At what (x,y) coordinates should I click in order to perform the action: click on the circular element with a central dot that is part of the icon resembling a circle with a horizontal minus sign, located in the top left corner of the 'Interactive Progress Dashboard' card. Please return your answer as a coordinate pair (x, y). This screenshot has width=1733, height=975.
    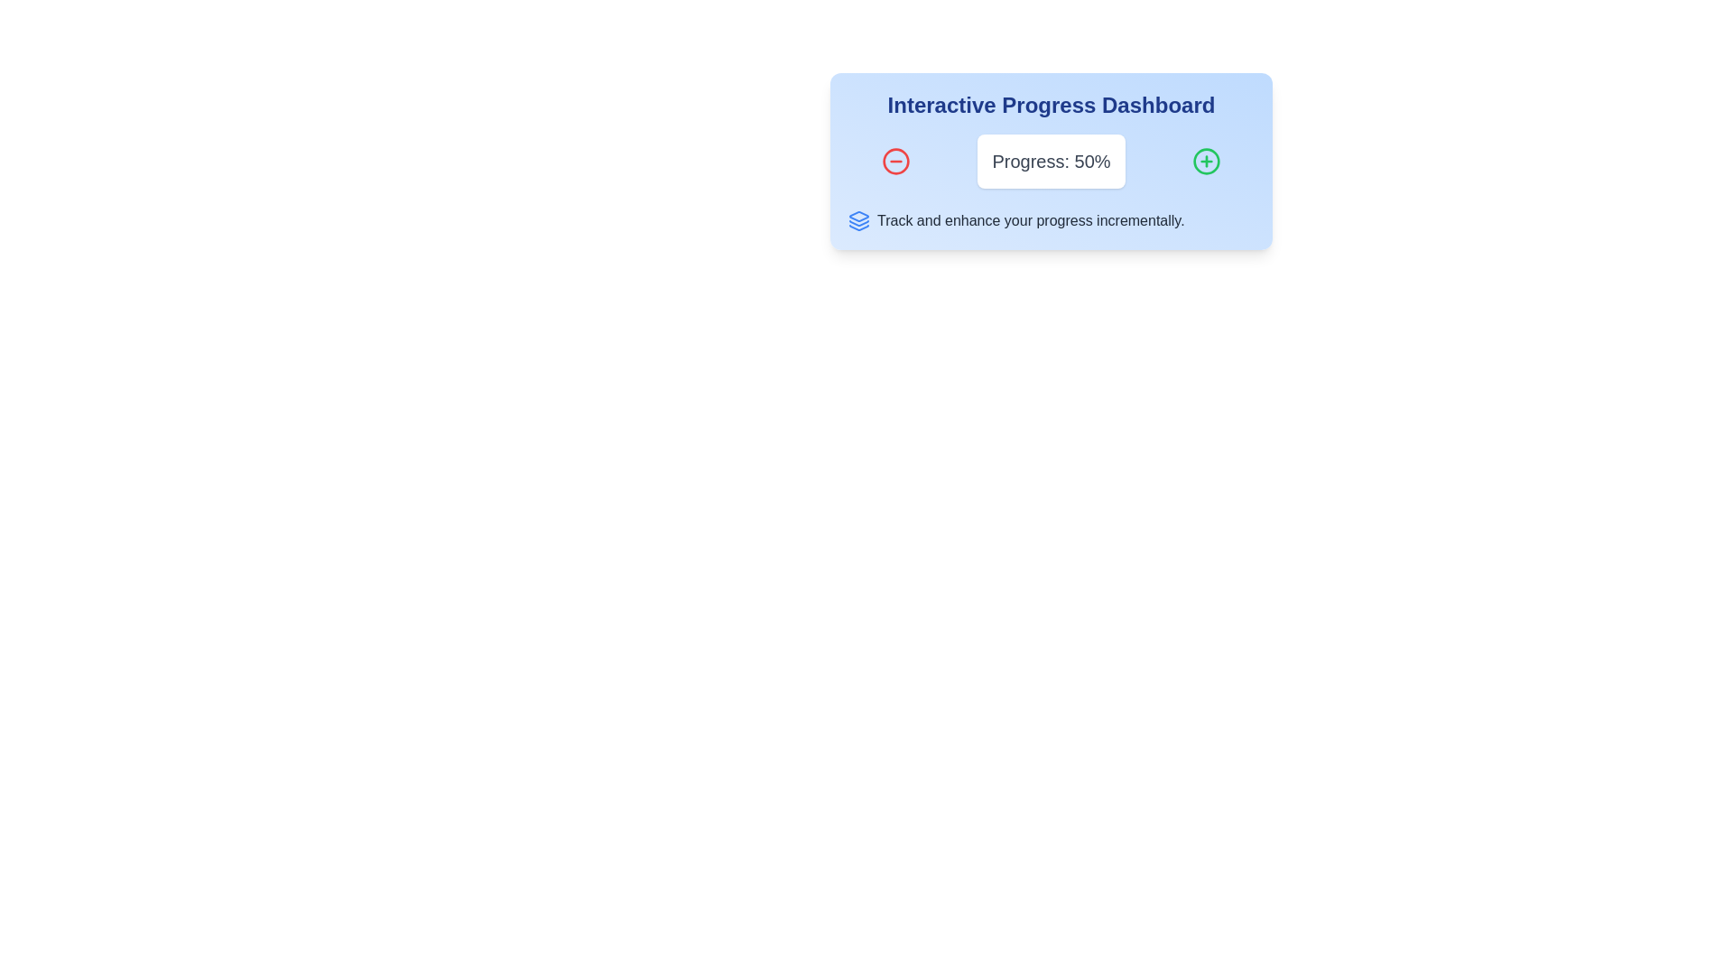
    Looking at the image, I should click on (896, 160).